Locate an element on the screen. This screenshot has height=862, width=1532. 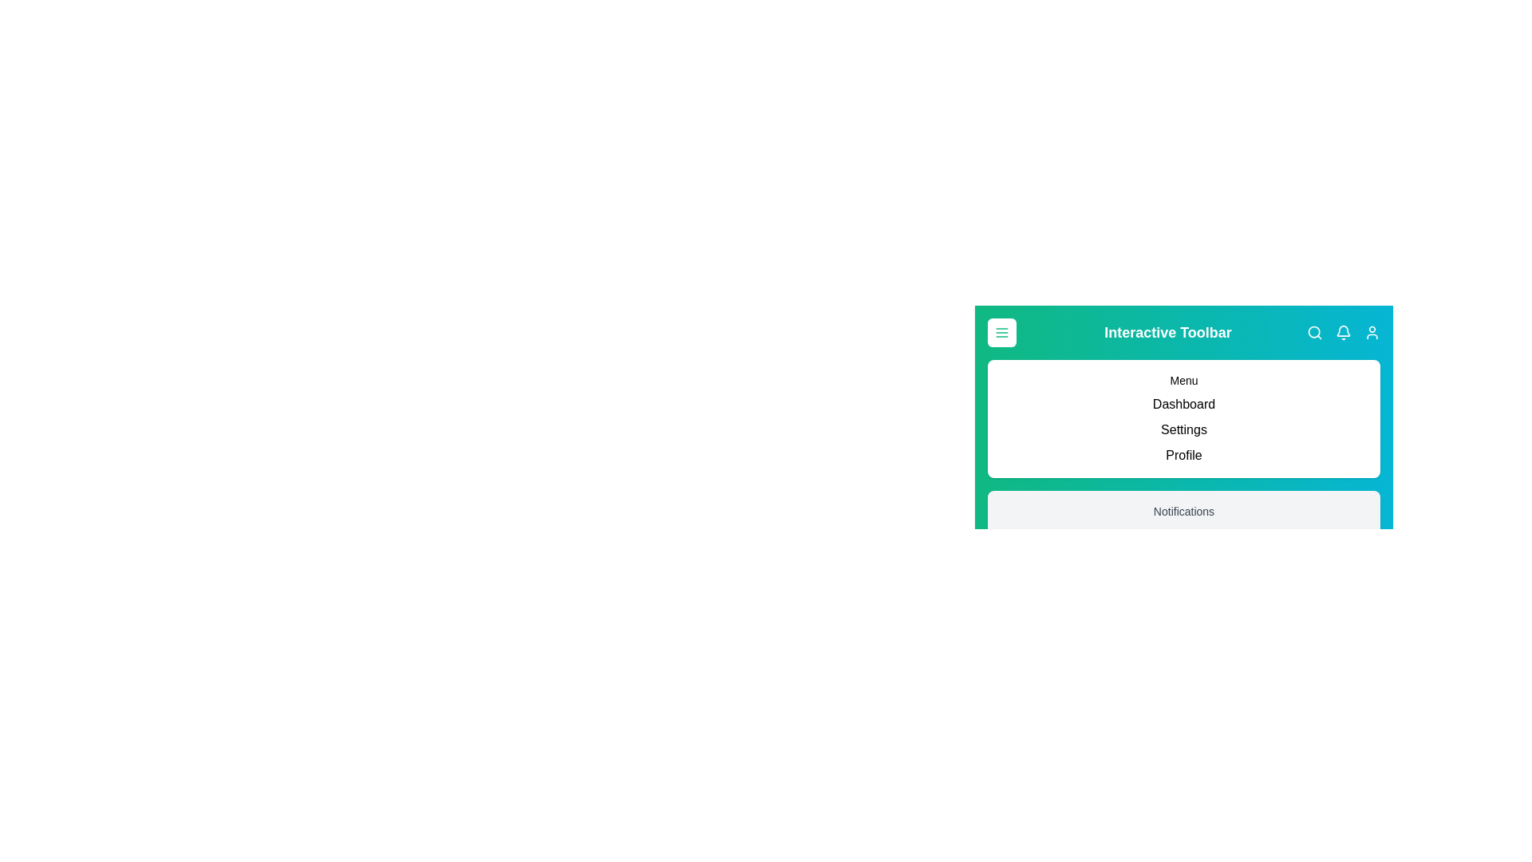
menu toggle button to toggle the menu visibility is located at coordinates (1001, 331).